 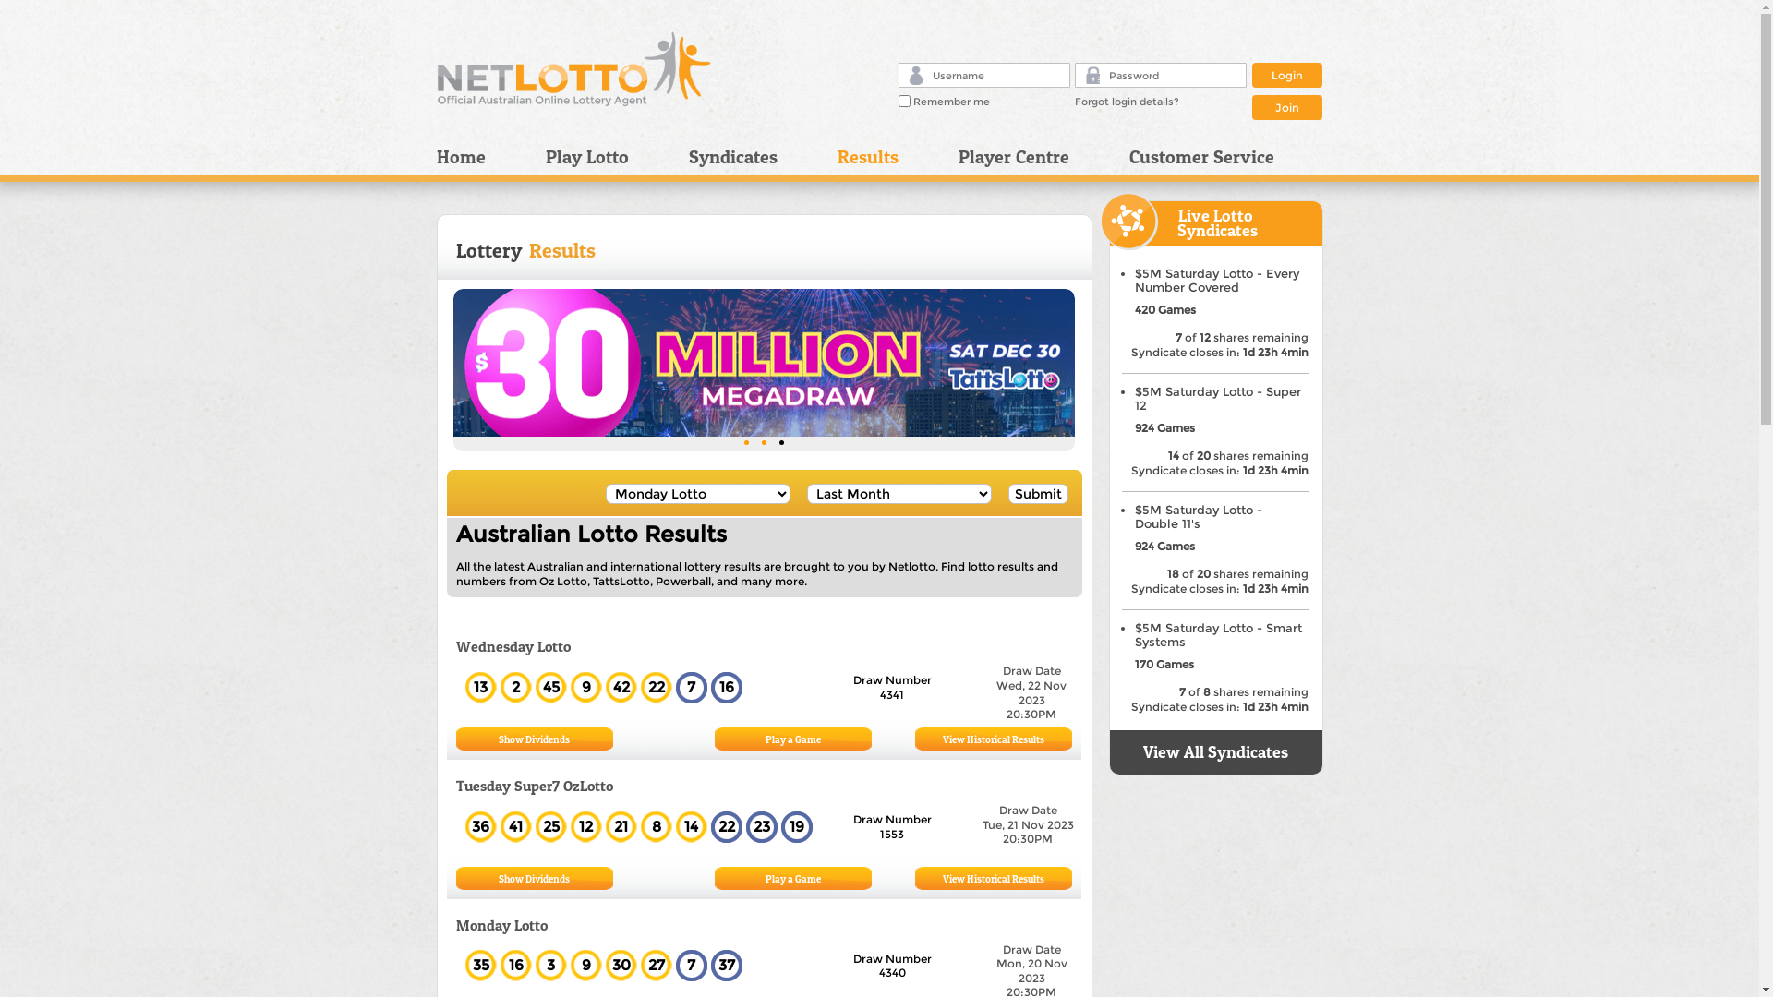 I want to click on 'Login', so click(x=1285, y=74).